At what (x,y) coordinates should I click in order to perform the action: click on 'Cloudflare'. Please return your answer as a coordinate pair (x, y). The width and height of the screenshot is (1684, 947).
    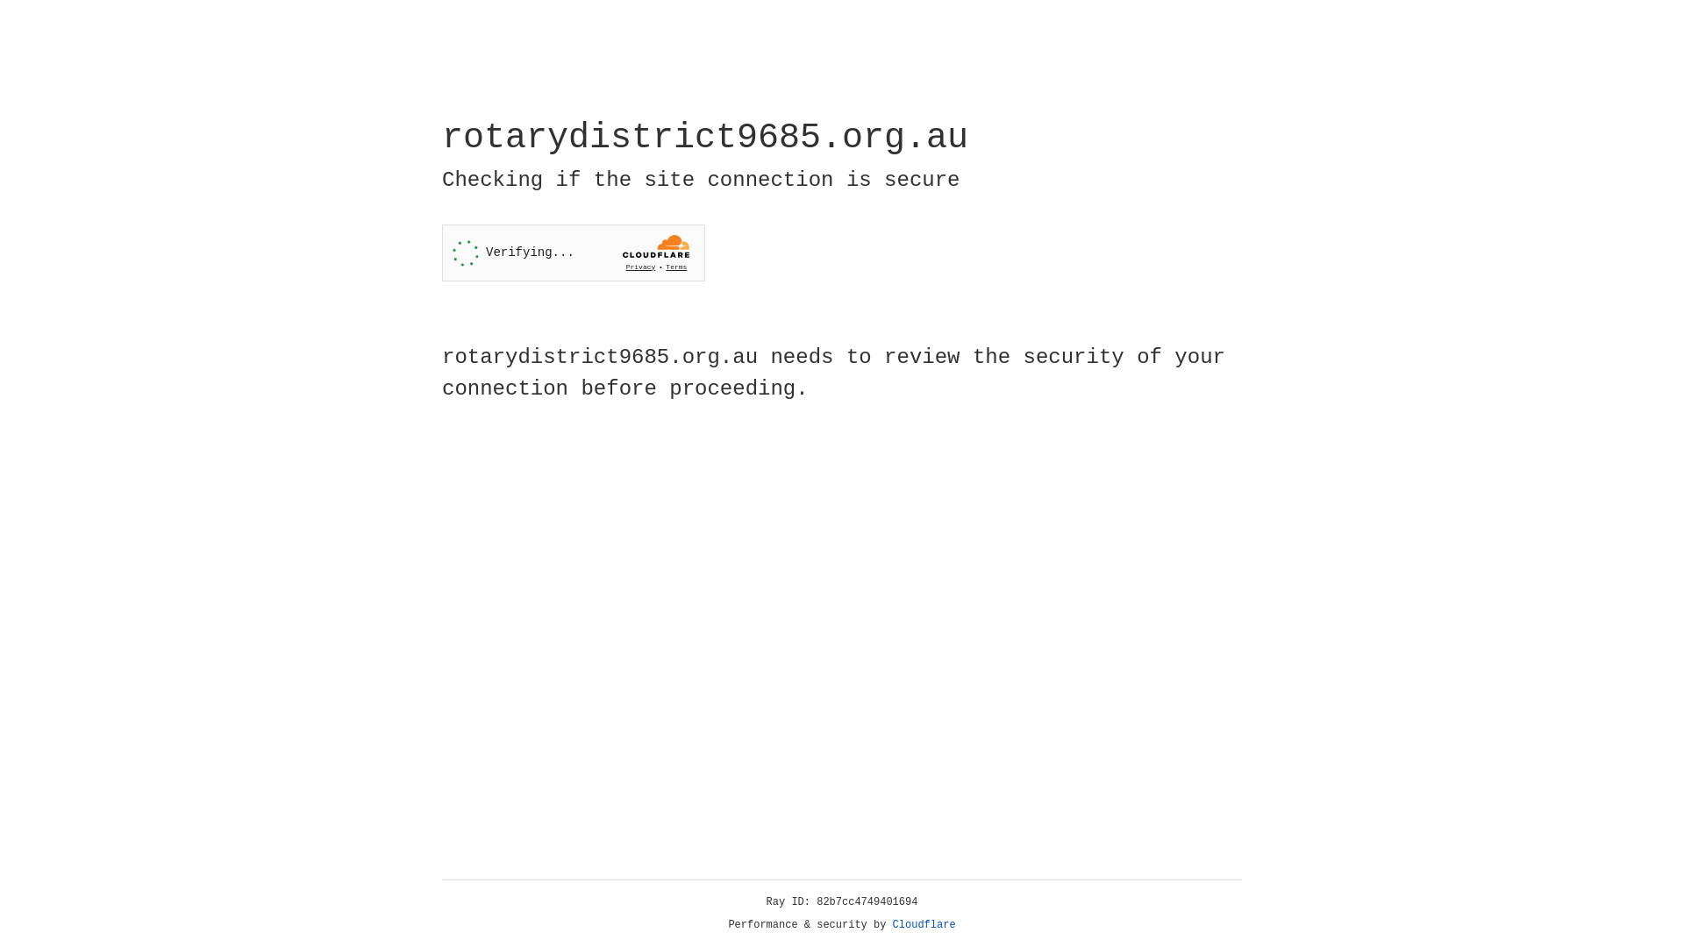
    Looking at the image, I should click on (892, 924).